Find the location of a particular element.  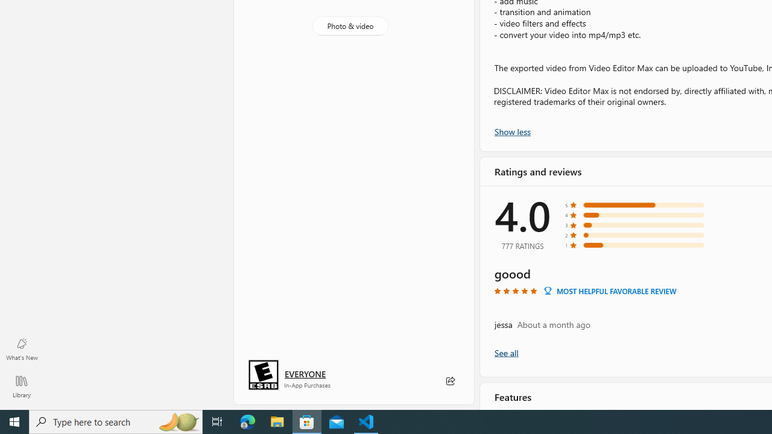

'Photo & video' is located at coordinates (349, 26).